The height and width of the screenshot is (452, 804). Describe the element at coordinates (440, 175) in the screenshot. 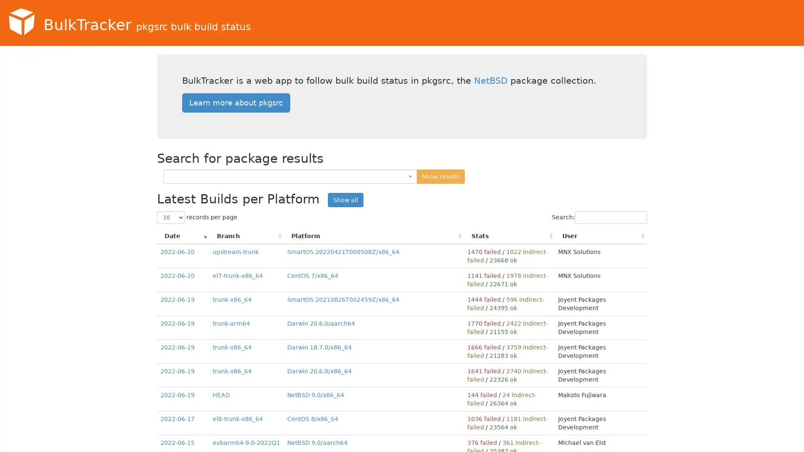

I see `Show results` at that location.